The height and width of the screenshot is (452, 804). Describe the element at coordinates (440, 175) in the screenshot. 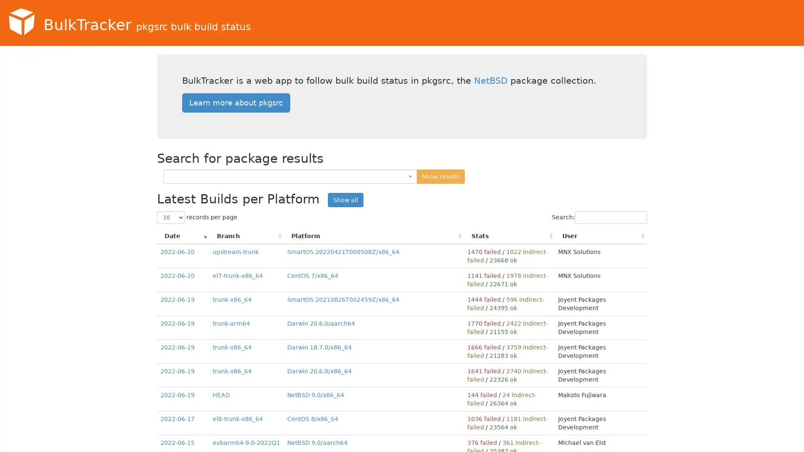

I see `Show results` at that location.